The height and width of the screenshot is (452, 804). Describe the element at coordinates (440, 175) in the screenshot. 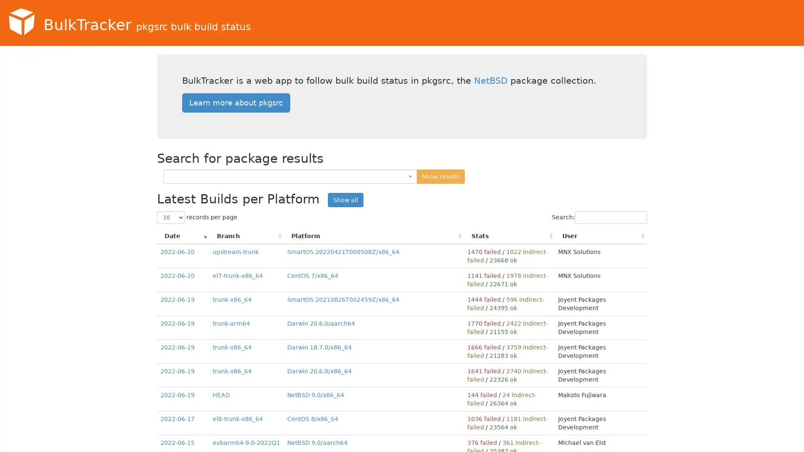

I see `Show results` at that location.